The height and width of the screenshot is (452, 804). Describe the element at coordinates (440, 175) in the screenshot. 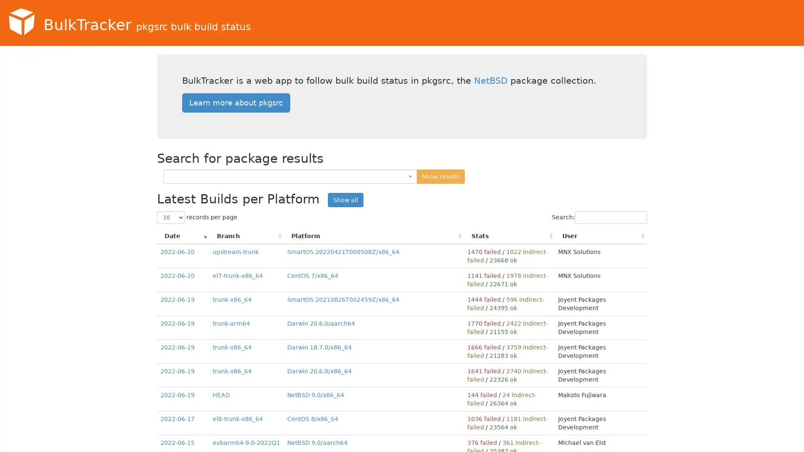

I see `Show results` at that location.